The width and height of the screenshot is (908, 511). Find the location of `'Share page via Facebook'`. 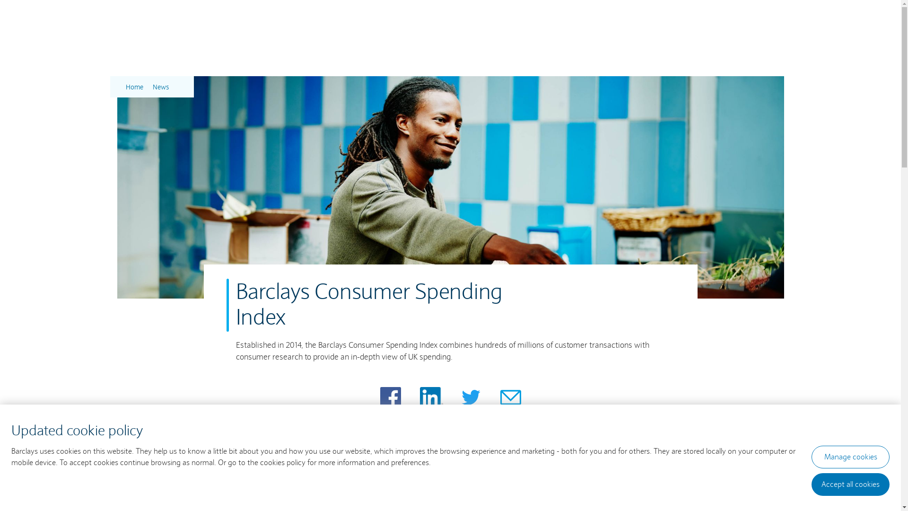

'Share page via Facebook' is located at coordinates (390, 397).